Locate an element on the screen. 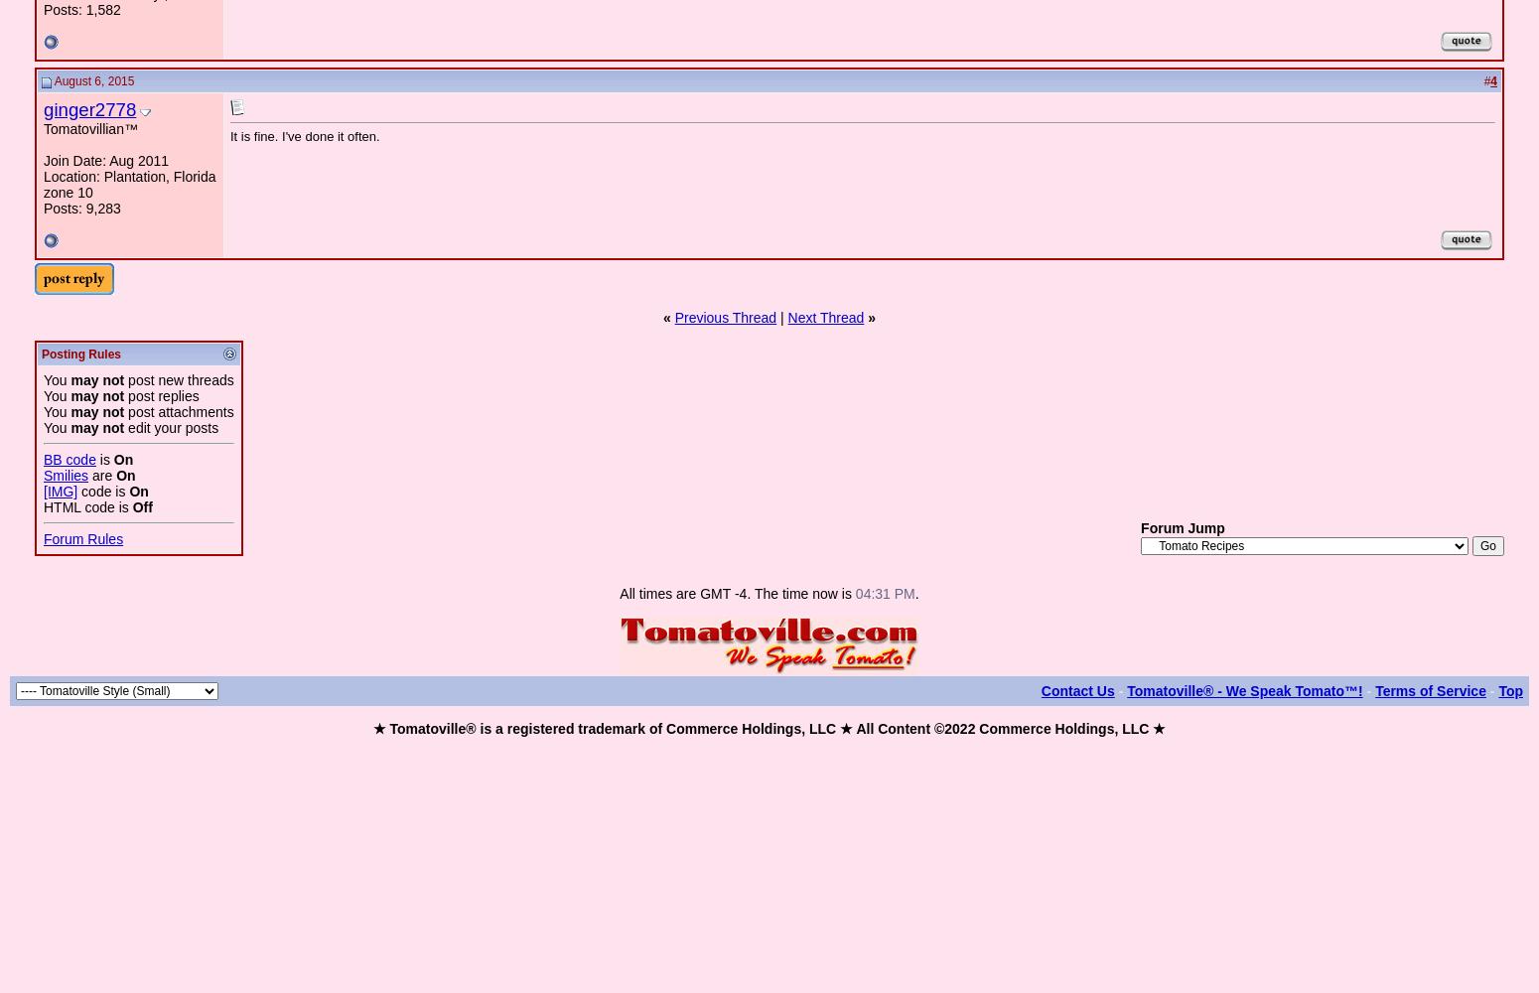  'code is' is located at coordinates (103, 491).